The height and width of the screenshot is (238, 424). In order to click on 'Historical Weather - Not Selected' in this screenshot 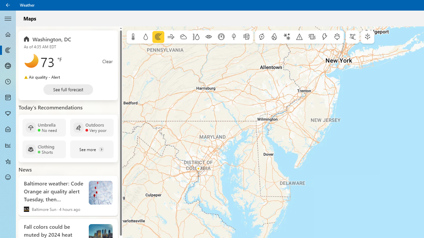, I will do `click(8, 145)`.